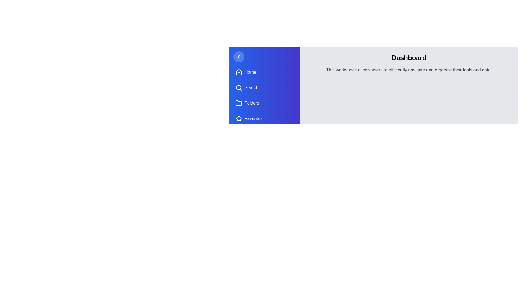  What do you see at coordinates (264, 72) in the screenshot?
I see `the navigation item Home` at bounding box center [264, 72].